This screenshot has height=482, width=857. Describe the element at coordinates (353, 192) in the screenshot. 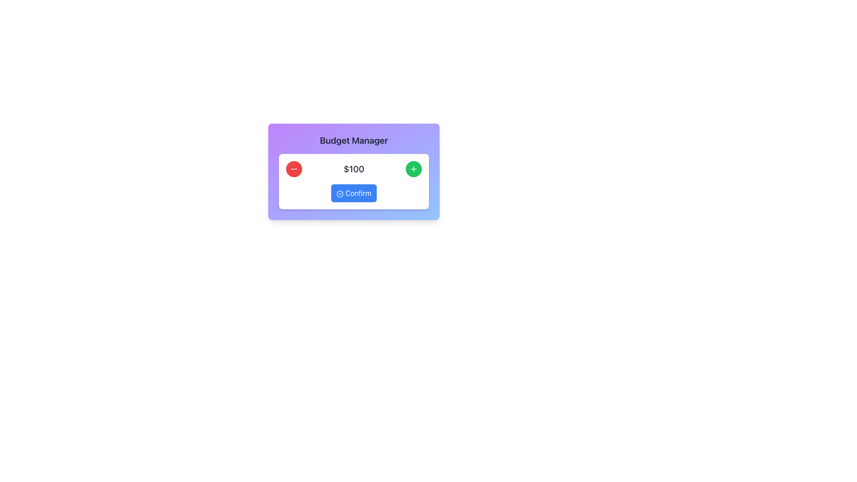

I see `the confirm button in the 'Budget Manager' interface` at that location.